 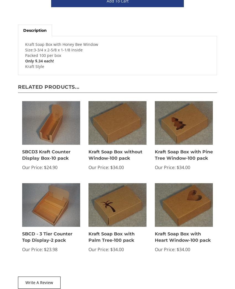 What do you see at coordinates (62, 44) in the screenshot?
I see `'Kraft Soap Box with Honey Bee Window'` at bounding box center [62, 44].